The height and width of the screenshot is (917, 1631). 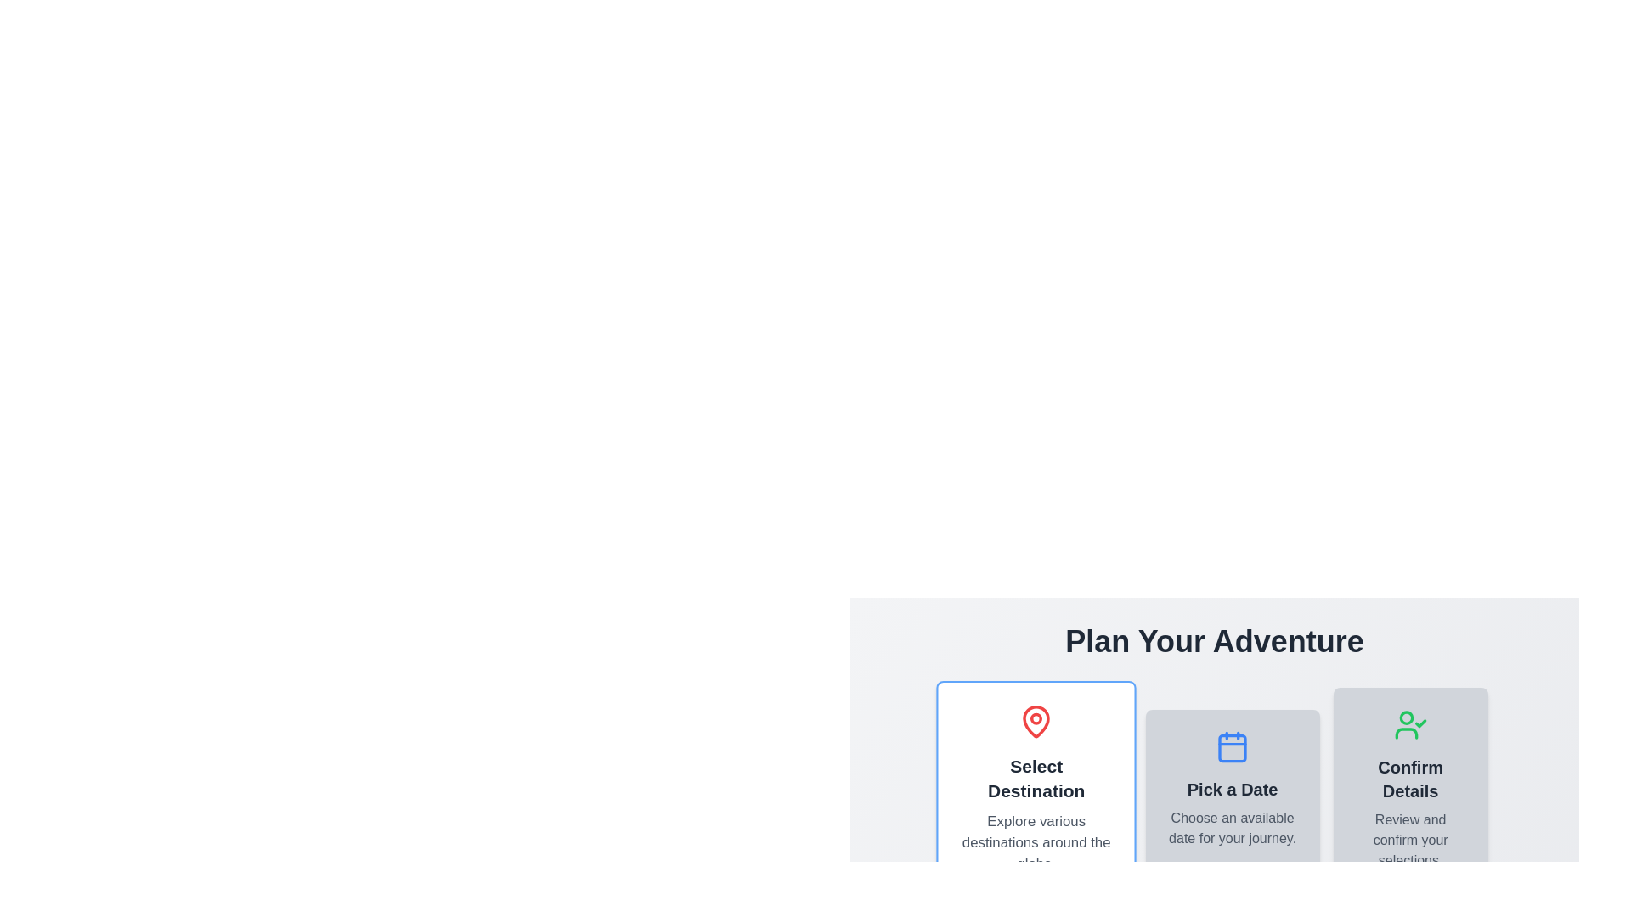 I want to click on the third card in the horizontal list, which serves as a choice card for confirming and reviewing selections, so click(x=1410, y=789).